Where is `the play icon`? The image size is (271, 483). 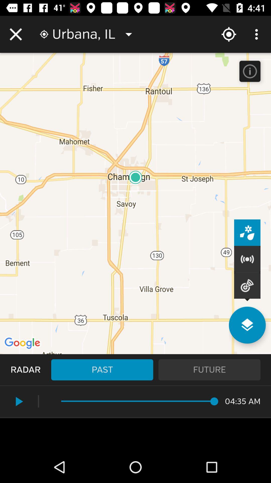 the play icon is located at coordinates (18, 401).